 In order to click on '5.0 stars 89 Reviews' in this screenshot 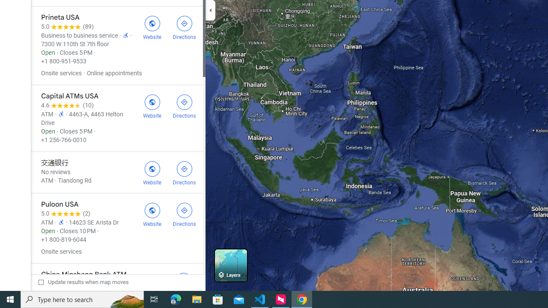, I will do `click(67, 26)`.